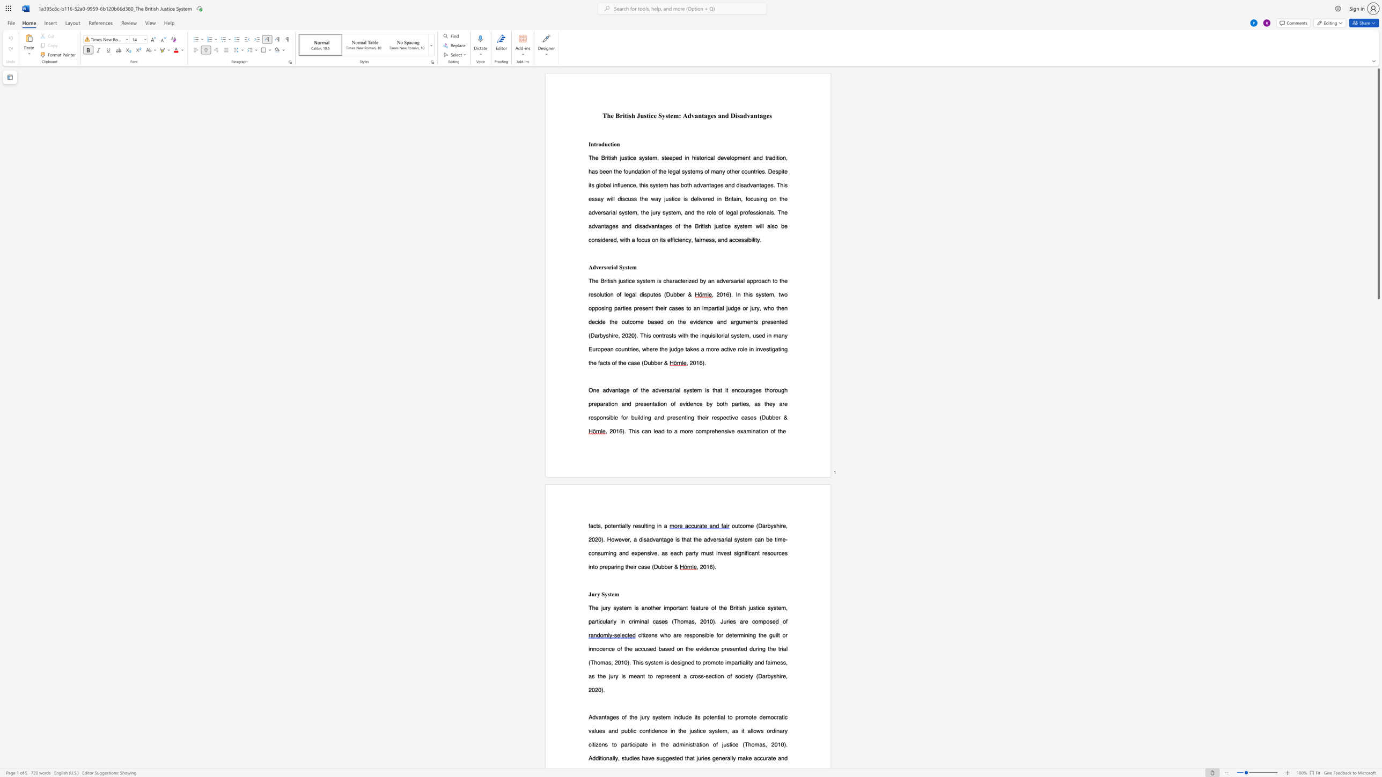 The image size is (1382, 777). Describe the element at coordinates (718, 757) in the screenshot. I see `the subset text "nerally ma" within the text "generally make"` at that location.